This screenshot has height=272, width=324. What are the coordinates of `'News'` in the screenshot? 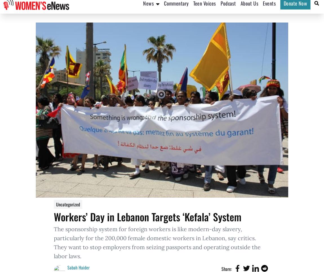 It's located at (148, 9).